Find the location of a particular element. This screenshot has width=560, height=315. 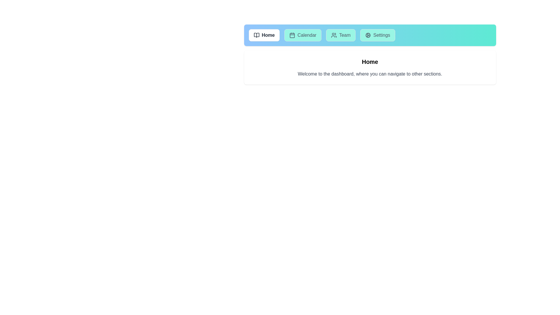

the tab labeled Calendar is located at coordinates (302, 35).